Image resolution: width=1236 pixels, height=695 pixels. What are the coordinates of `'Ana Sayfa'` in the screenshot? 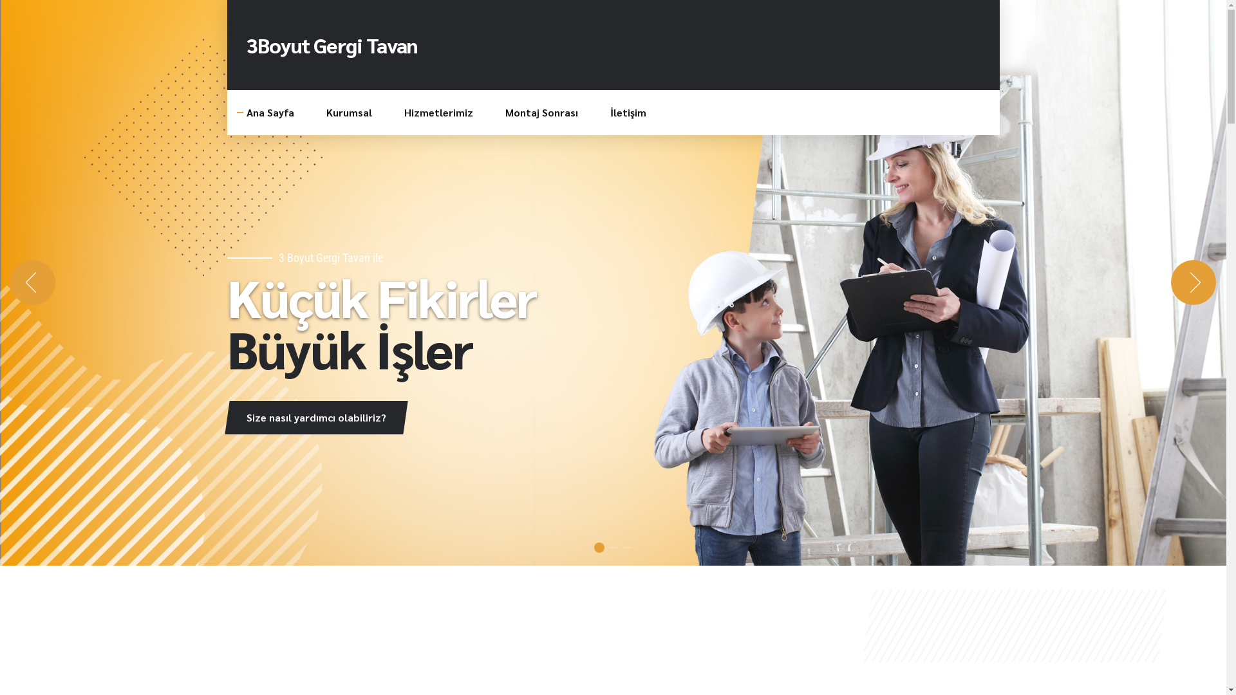 It's located at (268, 111).